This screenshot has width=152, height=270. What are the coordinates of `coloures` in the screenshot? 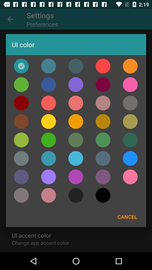 It's located at (103, 158).